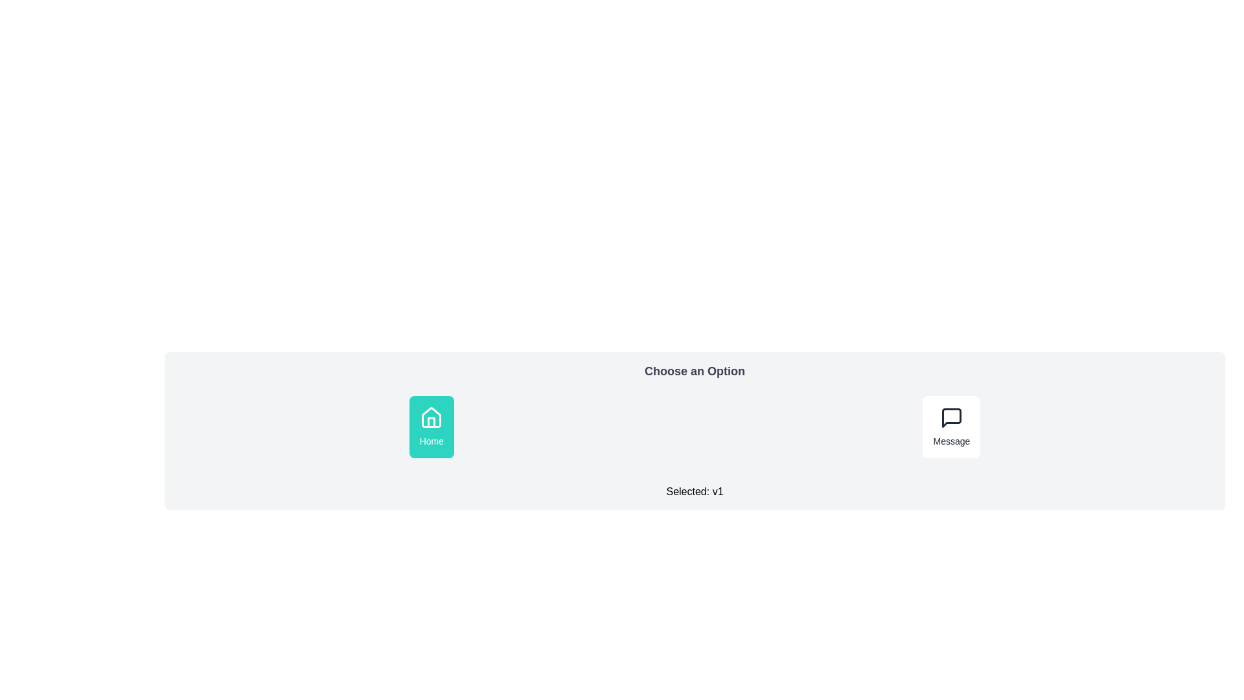 Image resolution: width=1244 pixels, height=700 pixels. I want to click on the 'Home' button located at the leftmost position in the button row, so click(432, 427).